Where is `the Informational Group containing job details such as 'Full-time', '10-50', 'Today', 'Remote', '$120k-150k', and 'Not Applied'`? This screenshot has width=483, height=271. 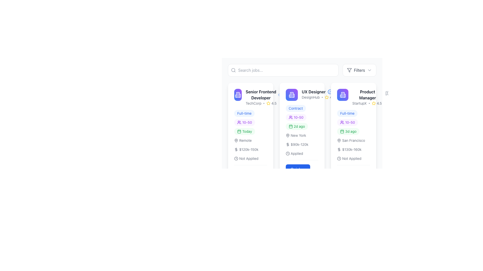
the Informational Group containing job details such as 'Full-time', '10-50', 'Today', 'Remote', '$120k-150k', and 'Not Applied' is located at coordinates (251, 135).